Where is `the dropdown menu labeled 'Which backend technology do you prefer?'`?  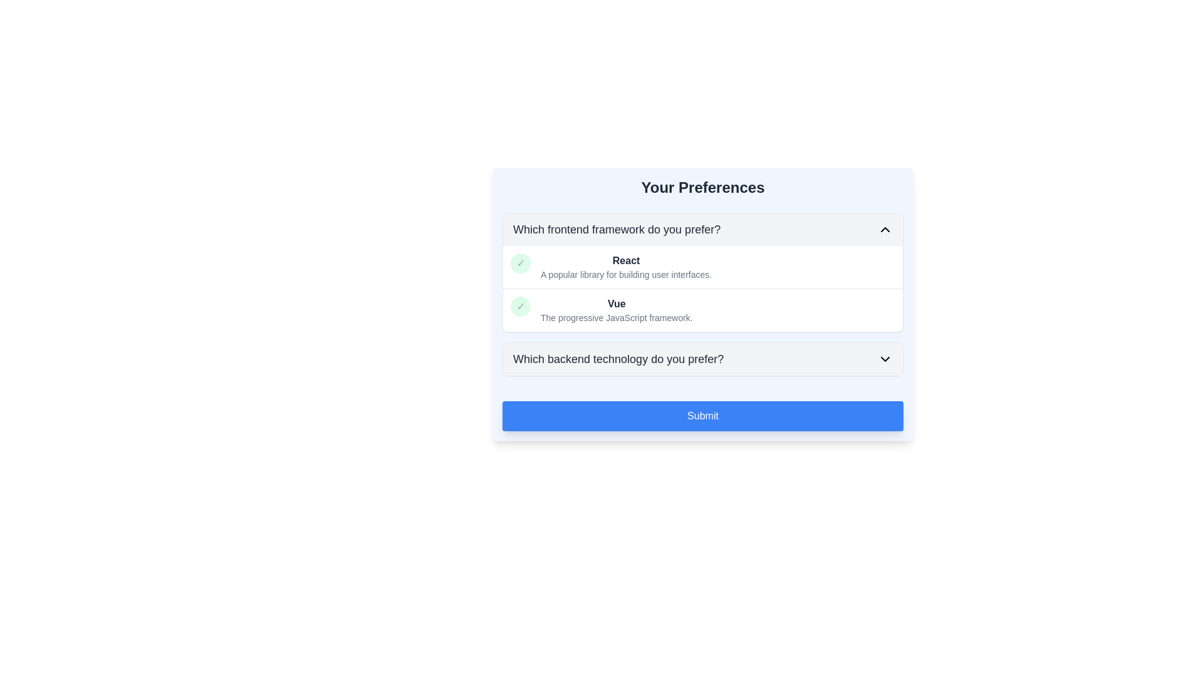
the dropdown menu labeled 'Which backend technology do you prefer?' is located at coordinates (703, 359).